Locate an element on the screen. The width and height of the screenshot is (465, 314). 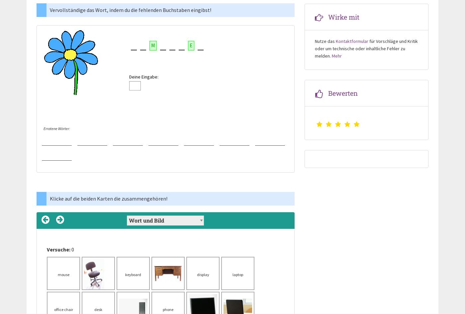
'Erratene Wörter:' is located at coordinates (56, 128).